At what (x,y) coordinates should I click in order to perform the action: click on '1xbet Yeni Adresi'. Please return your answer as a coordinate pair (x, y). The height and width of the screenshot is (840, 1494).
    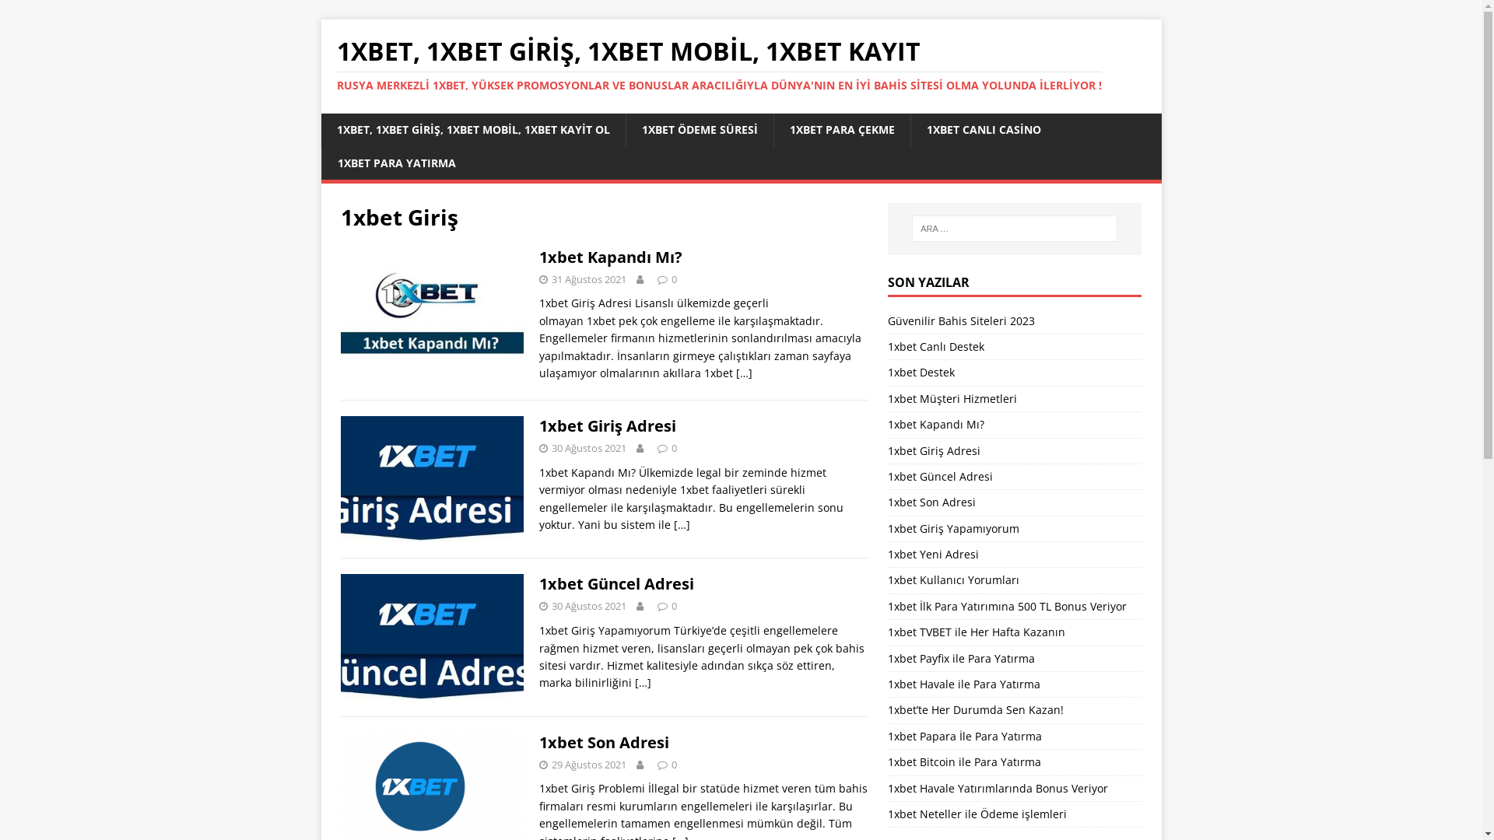
    Looking at the image, I should click on (888, 553).